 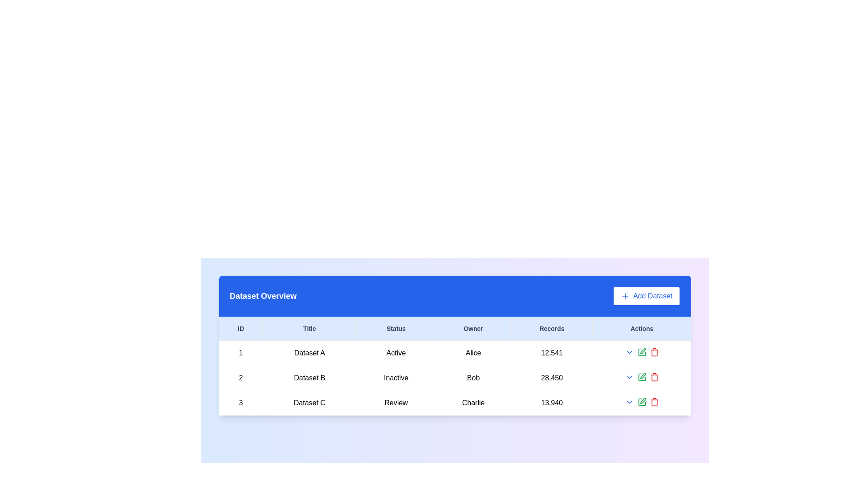 I want to click on the Dropdown trigger icon, which is a blue chevron indicating a downward direction, so click(x=629, y=402).